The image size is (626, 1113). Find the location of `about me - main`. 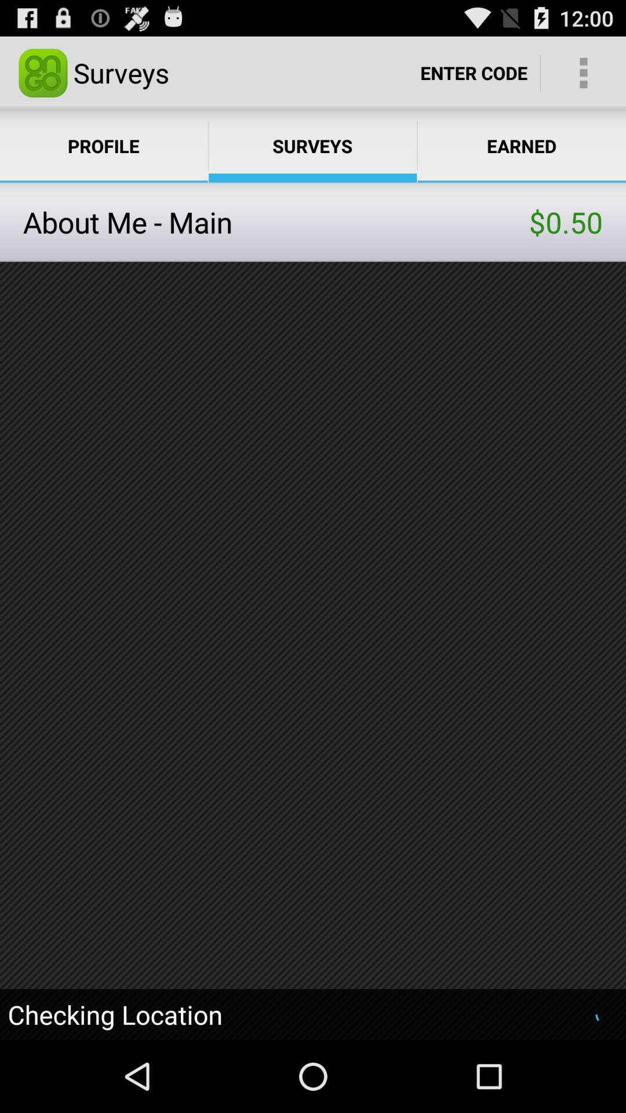

about me - main is located at coordinates (276, 222).